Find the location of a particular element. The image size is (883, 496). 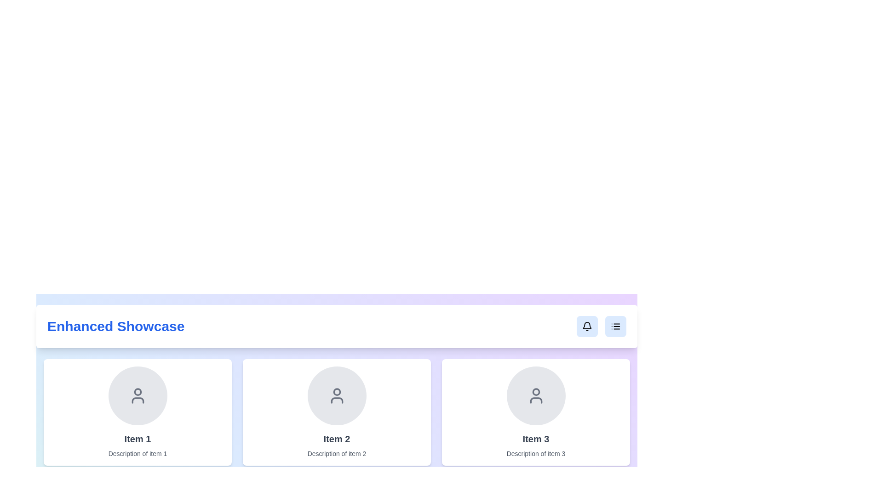

the Decorative icon with a circular gray background that features a lighter gray user icon, located at the center top of the card labeled 'Item 1' is located at coordinates (137, 395).